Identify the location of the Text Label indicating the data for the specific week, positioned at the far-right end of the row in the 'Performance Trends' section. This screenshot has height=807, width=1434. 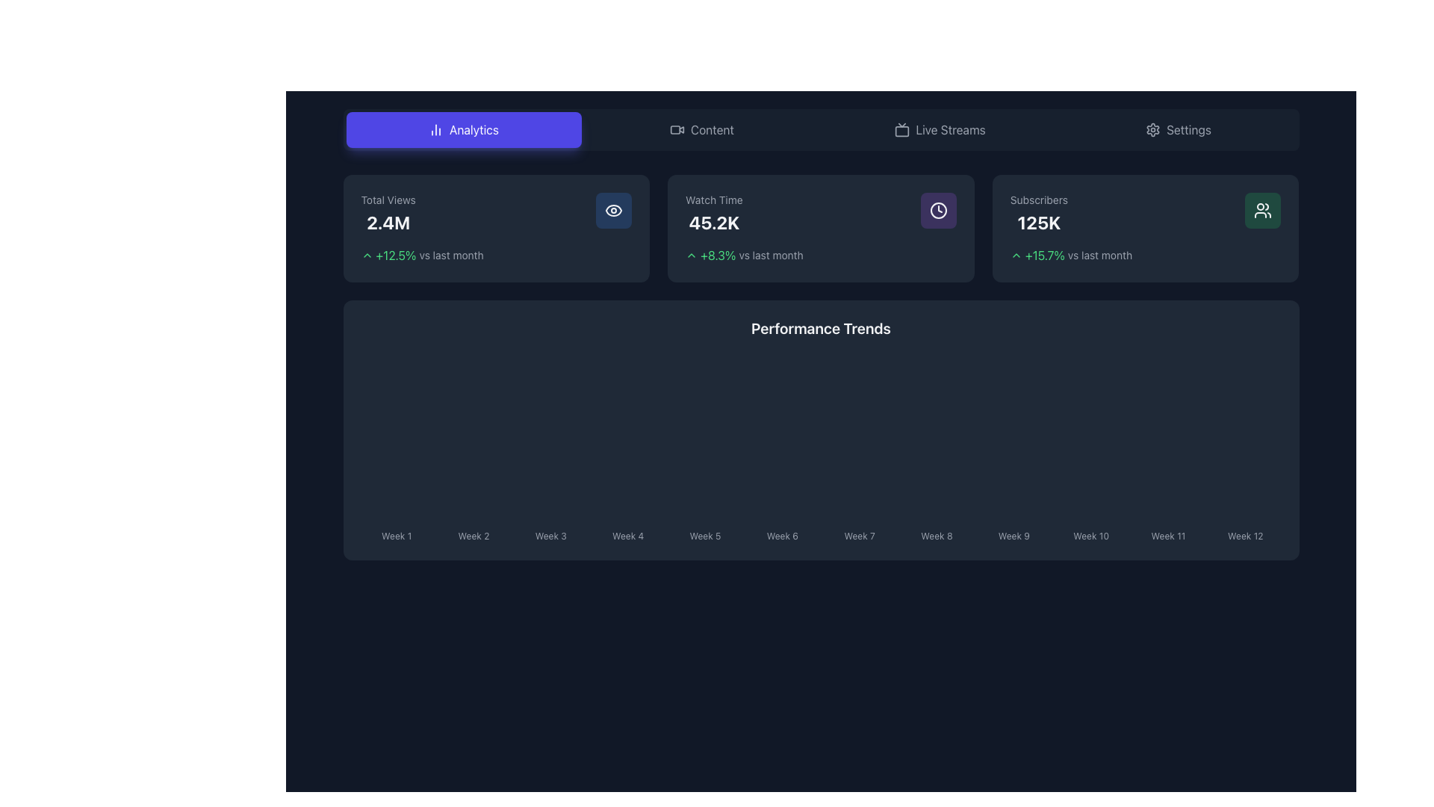
(1245, 535).